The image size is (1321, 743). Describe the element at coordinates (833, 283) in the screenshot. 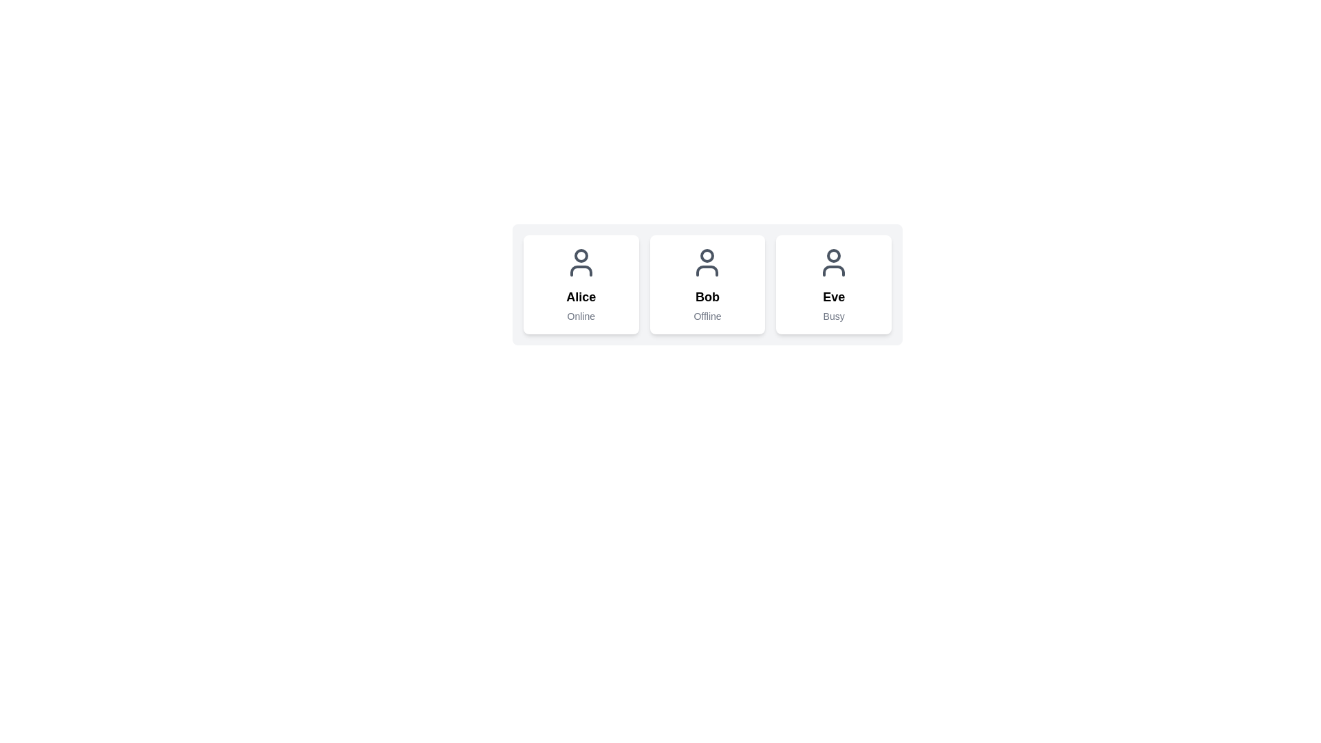

I see `the user details displayed on the card with a white background containing the name 'Eve' and status 'Busy', which is the third card in a row of three elements` at that location.